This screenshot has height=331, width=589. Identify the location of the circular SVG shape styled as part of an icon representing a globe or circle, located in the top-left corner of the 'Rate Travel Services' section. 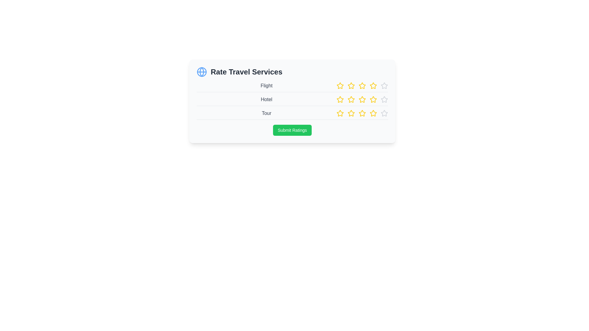
(202, 72).